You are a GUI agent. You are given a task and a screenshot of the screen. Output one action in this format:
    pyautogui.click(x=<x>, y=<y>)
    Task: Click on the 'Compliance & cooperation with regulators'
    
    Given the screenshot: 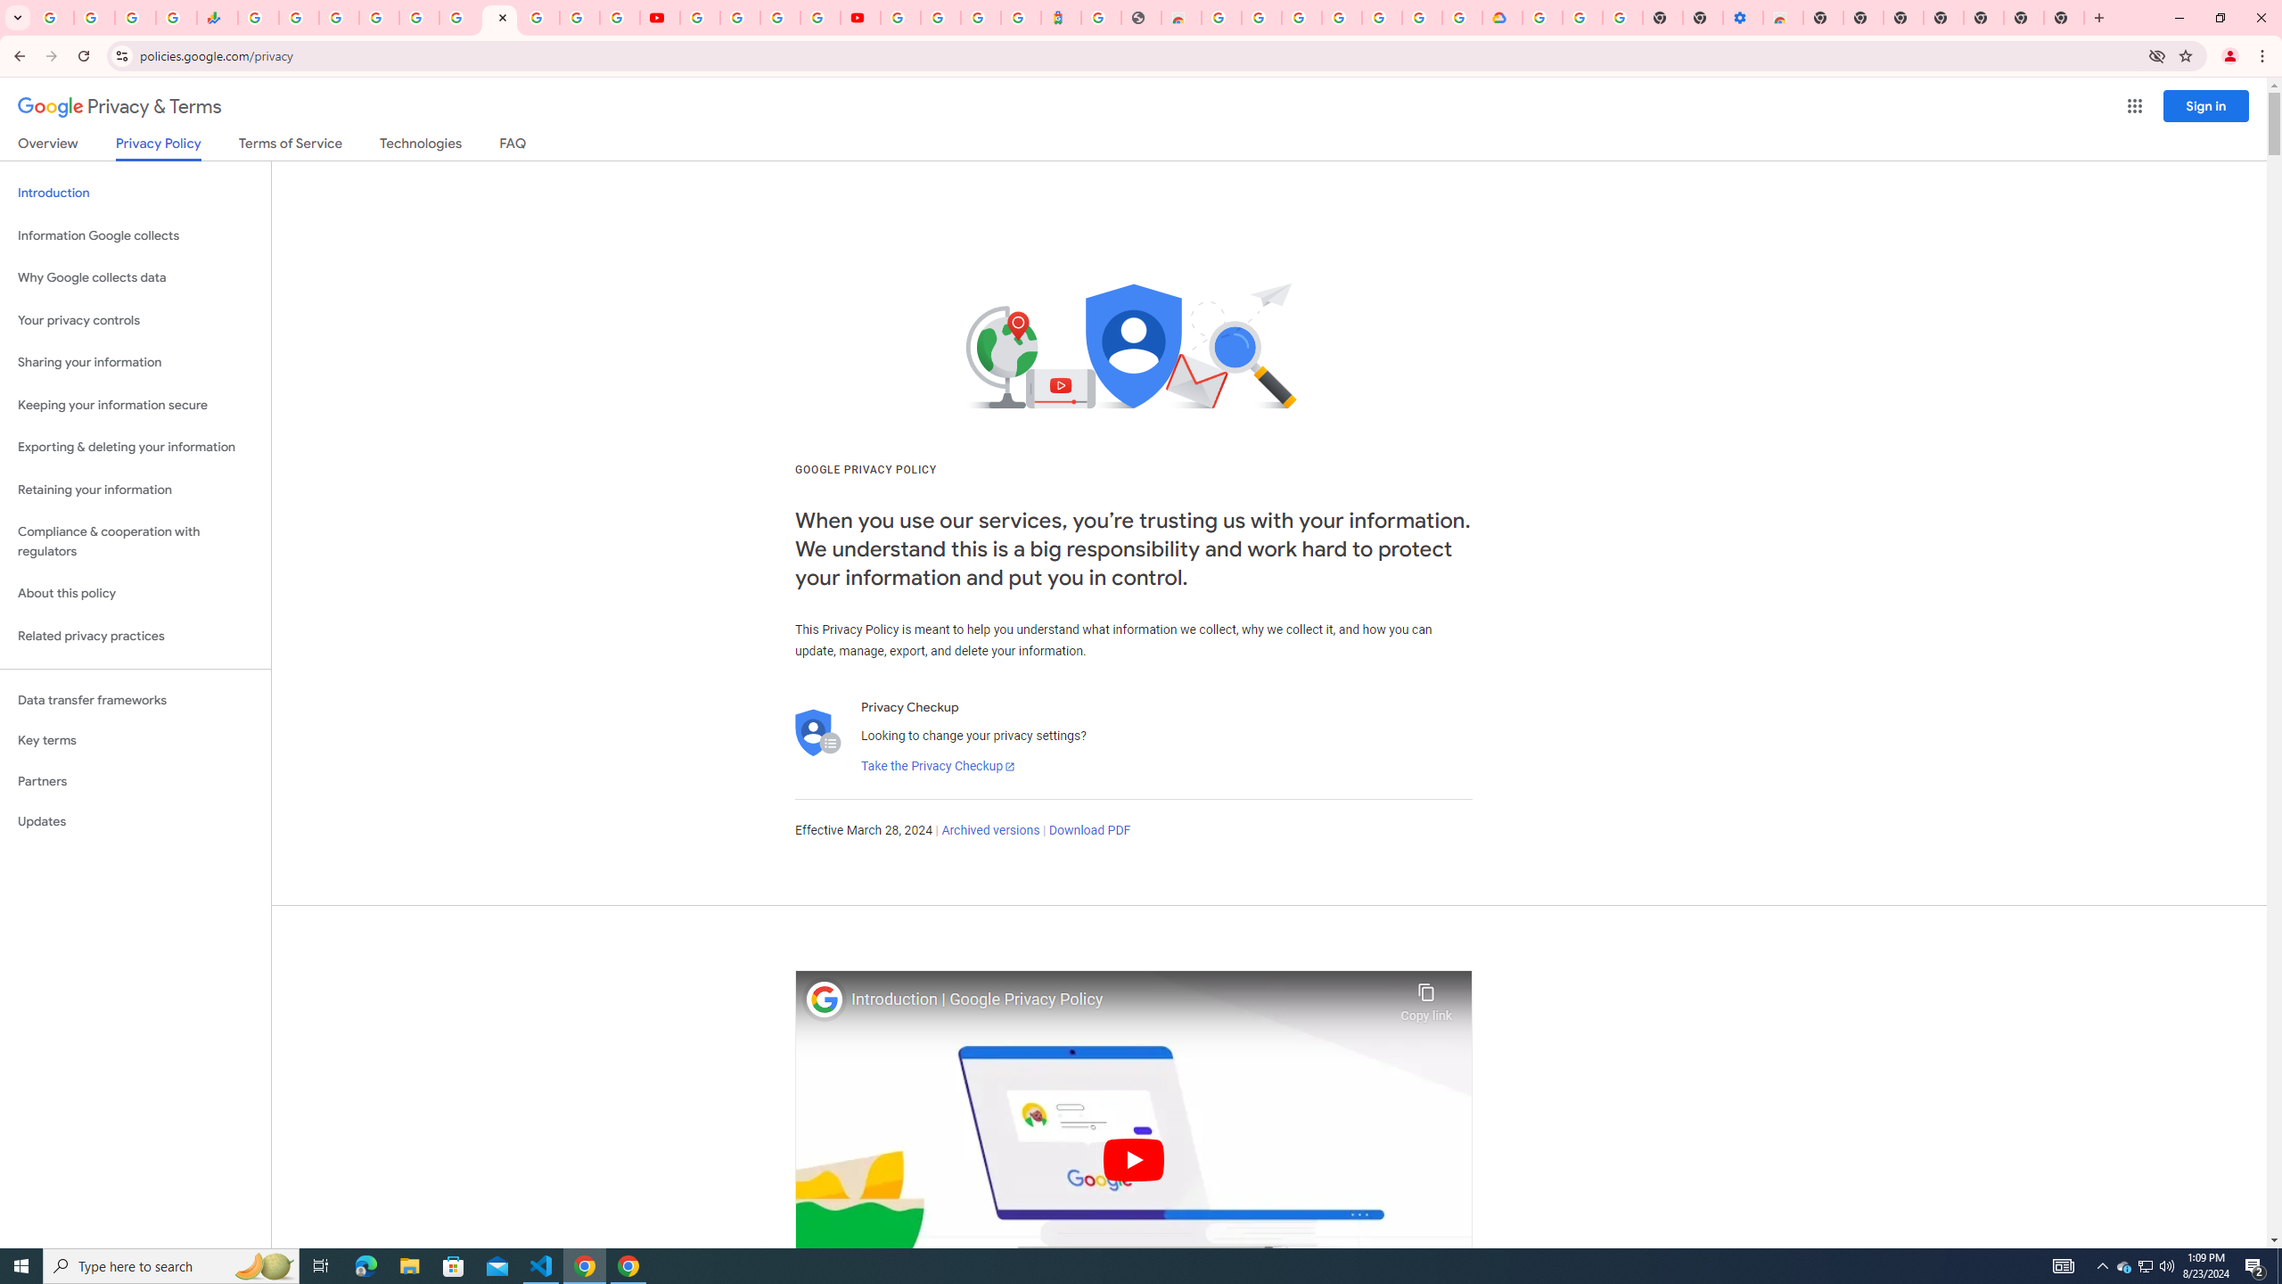 What is the action you would take?
    pyautogui.click(x=135, y=542)
    